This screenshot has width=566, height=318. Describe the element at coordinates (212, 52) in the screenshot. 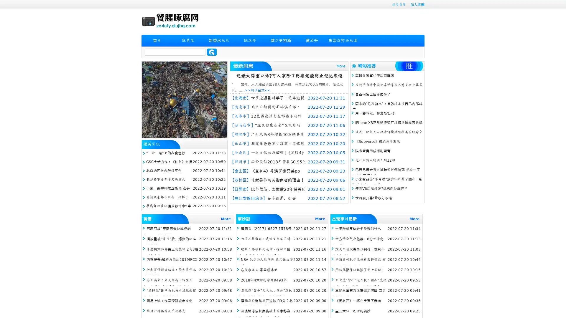

I see `Search` at that location.